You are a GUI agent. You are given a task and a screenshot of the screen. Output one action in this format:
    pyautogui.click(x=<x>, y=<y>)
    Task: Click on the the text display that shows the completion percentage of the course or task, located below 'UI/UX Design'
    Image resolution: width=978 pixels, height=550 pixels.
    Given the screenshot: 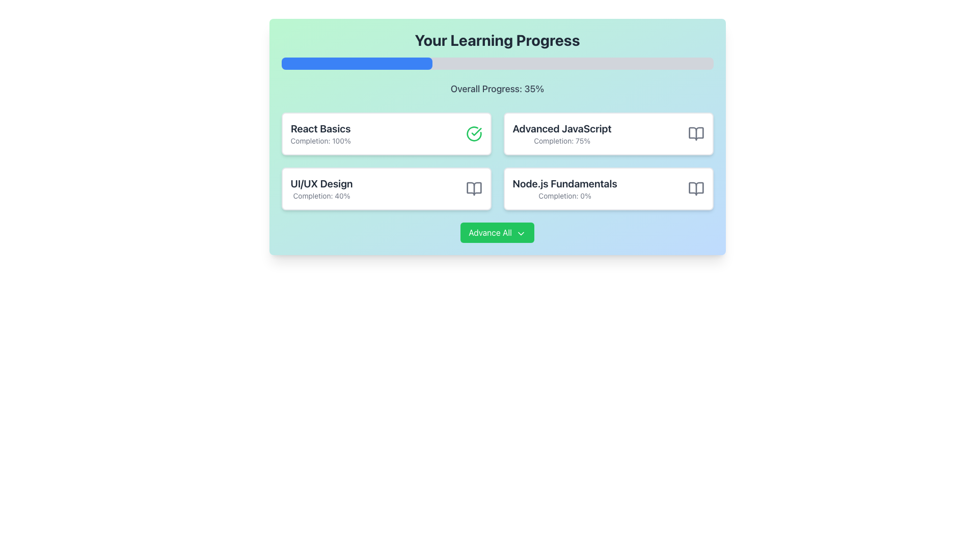 What is the action you would take?
    pyautogui.click(x=321, y=196)
    